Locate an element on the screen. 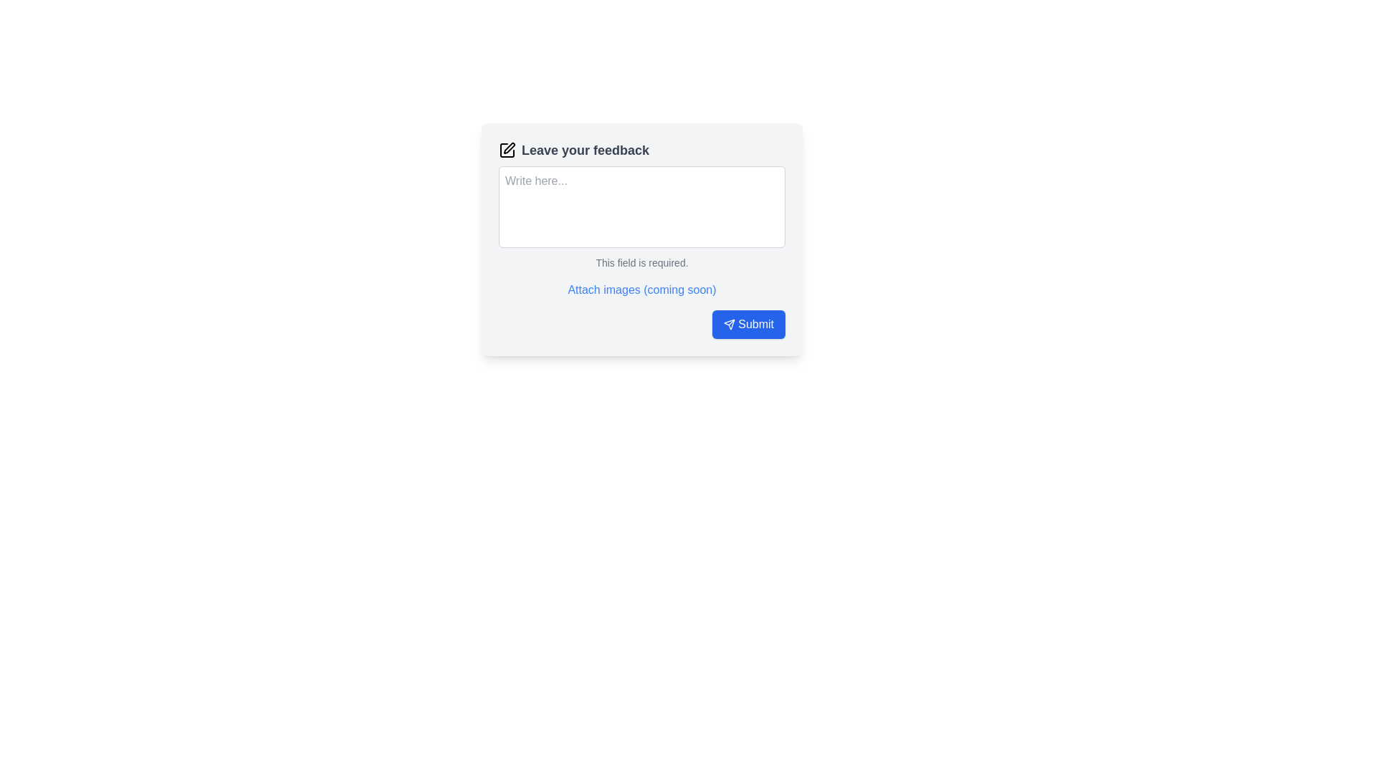 Image resolution: width=1376 pixels, height=774 pixels. the small pen or pencil icon located in the upper-left corner of the white feedback dialogue box to observe its tooltip or description is located at coordinates (509, 148).